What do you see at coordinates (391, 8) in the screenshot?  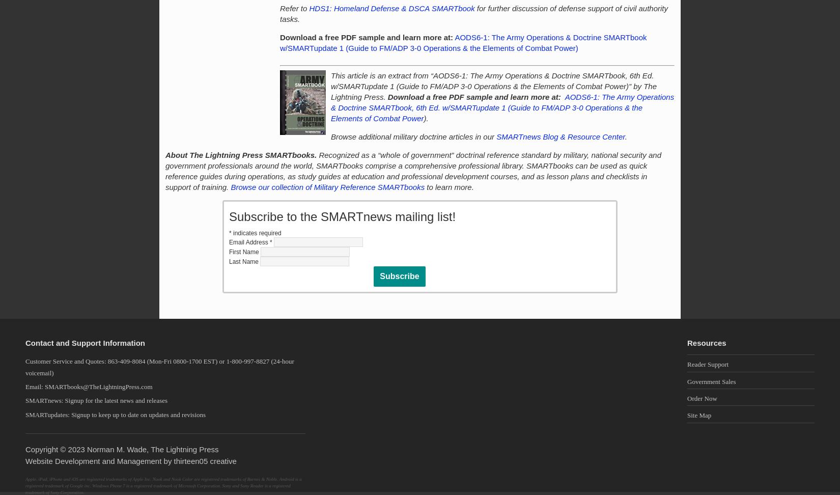 I see `'HDS1: Homeland Defense & DSCA SMARTbook'` at bounding box center [391, 8].